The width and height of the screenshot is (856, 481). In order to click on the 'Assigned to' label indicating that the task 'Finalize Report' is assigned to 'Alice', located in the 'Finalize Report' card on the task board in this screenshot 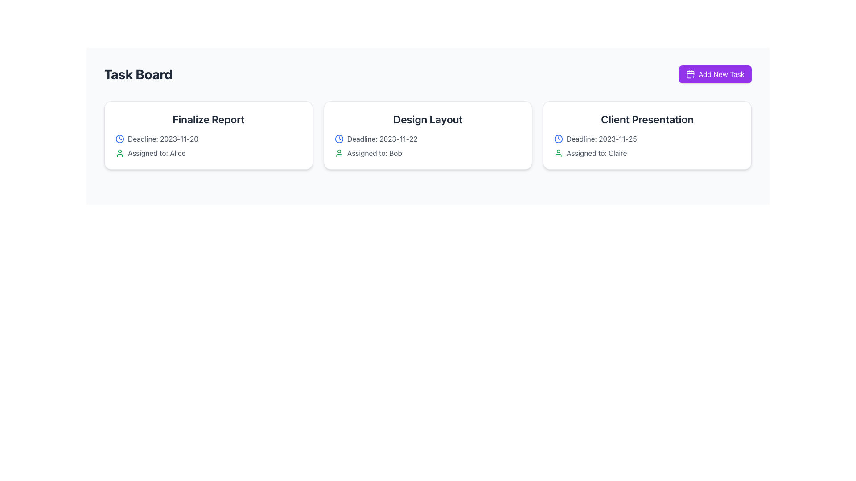, I will do `click(156, 152)`.